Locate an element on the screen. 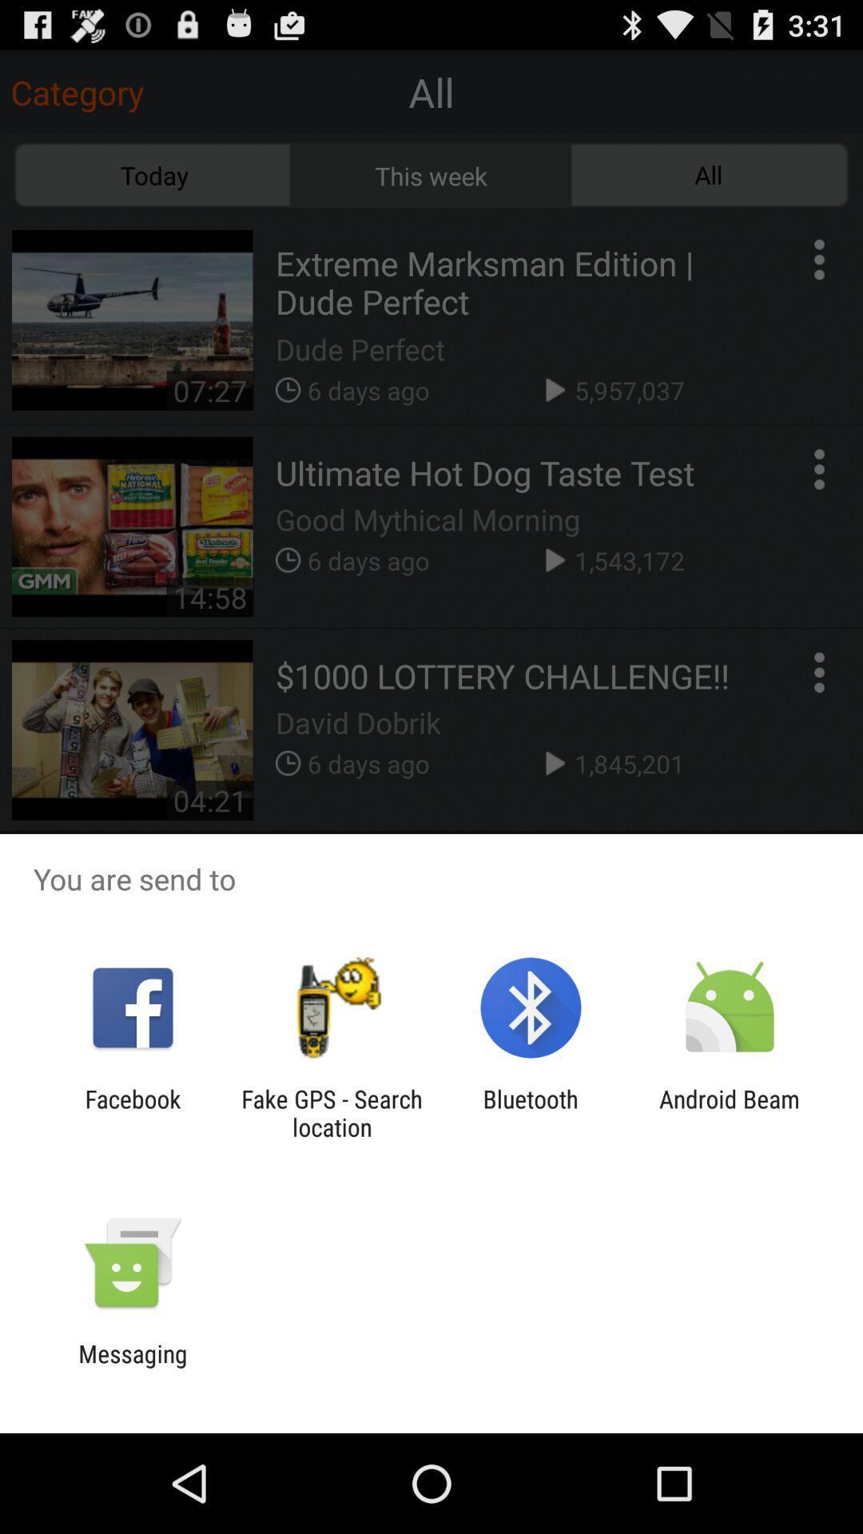 Image resolution: width=863 pixels, height=1534 pixels. app next to bluetooth app is located at coordinates (730, 1112).